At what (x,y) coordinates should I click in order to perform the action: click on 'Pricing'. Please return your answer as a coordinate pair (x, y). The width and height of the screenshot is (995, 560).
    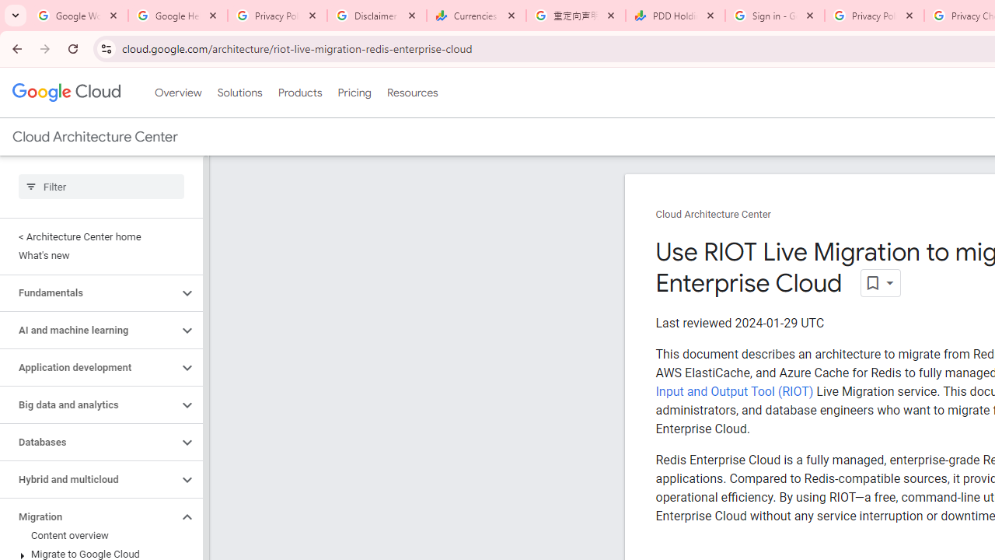
    Looking at the image, I should click on (353, 93).